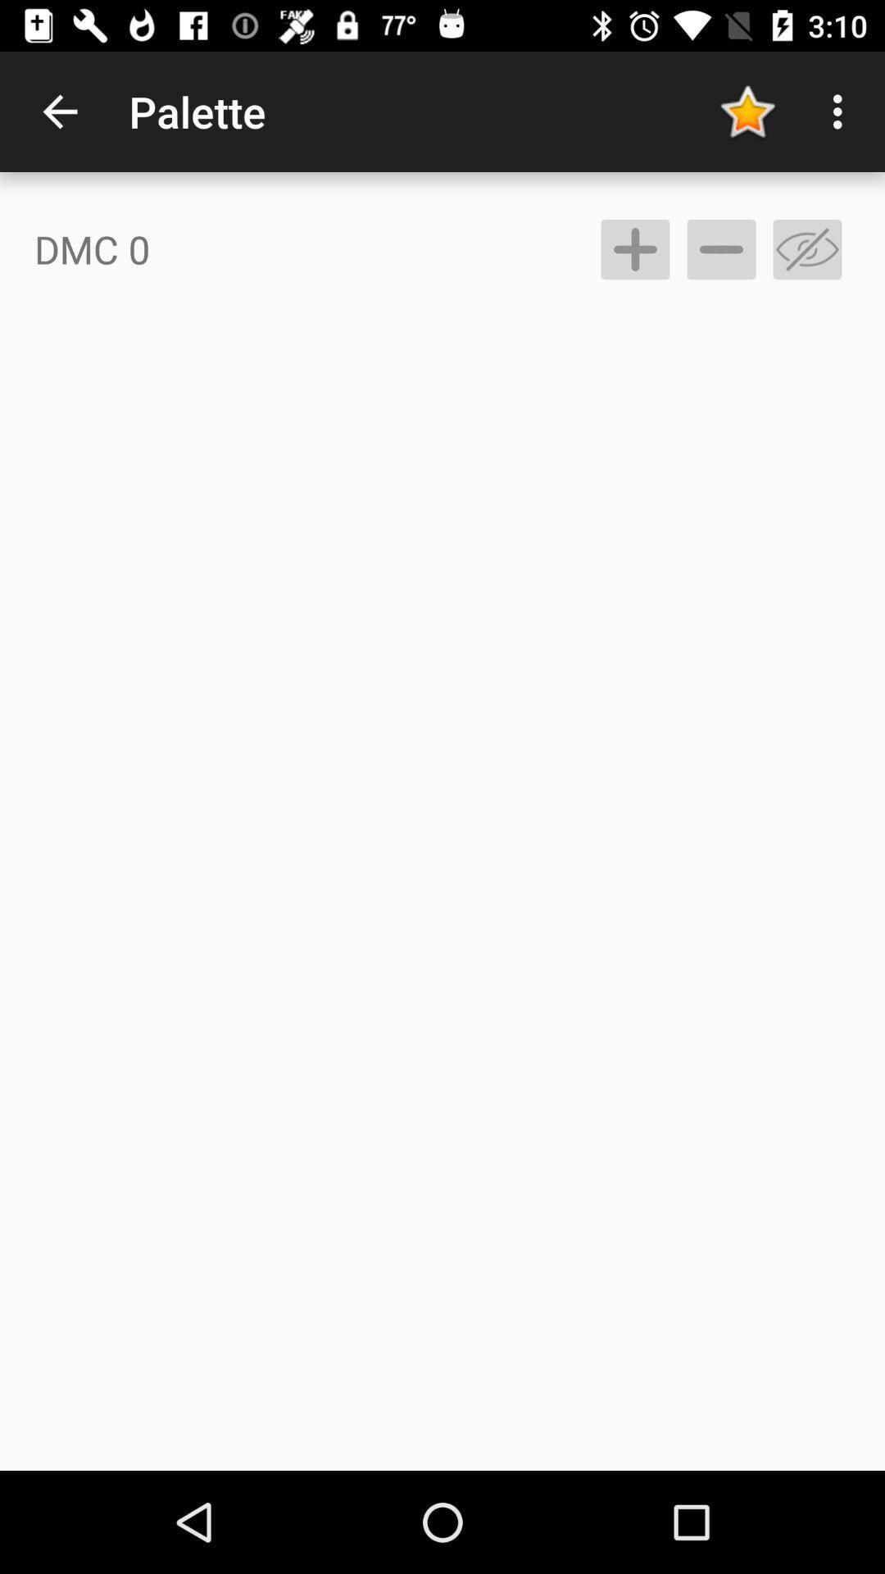 Image resolution: width=885 pixels, height=1574 pixels. Describe the element at coordinates (634, 248) in the screenshot. I see `the item next to dmc 0 item` at that location.